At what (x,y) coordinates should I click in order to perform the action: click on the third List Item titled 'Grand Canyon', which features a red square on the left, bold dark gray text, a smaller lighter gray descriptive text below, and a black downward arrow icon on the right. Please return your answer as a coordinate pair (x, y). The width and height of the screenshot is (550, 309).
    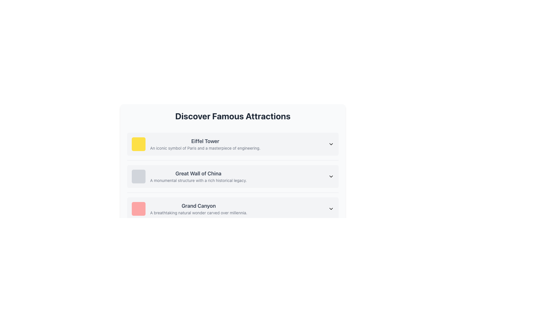
    Looking at the image, I should click on (233, 209).